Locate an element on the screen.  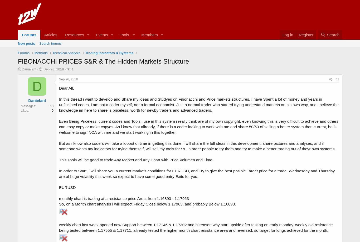
'Methods' is located at coordinates (41, 53).